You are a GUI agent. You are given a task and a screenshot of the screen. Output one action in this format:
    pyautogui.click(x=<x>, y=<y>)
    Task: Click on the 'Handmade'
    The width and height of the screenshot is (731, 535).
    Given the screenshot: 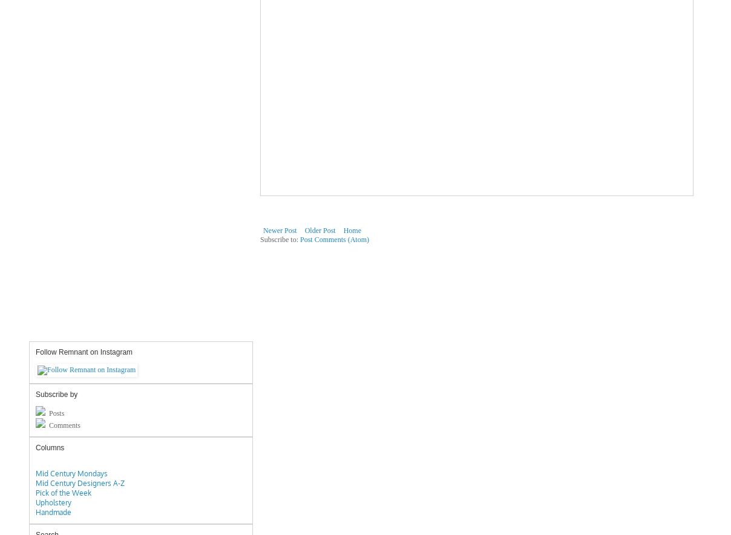 What is the action you would take?
    pyautogui.click(x=34, y=511)
    